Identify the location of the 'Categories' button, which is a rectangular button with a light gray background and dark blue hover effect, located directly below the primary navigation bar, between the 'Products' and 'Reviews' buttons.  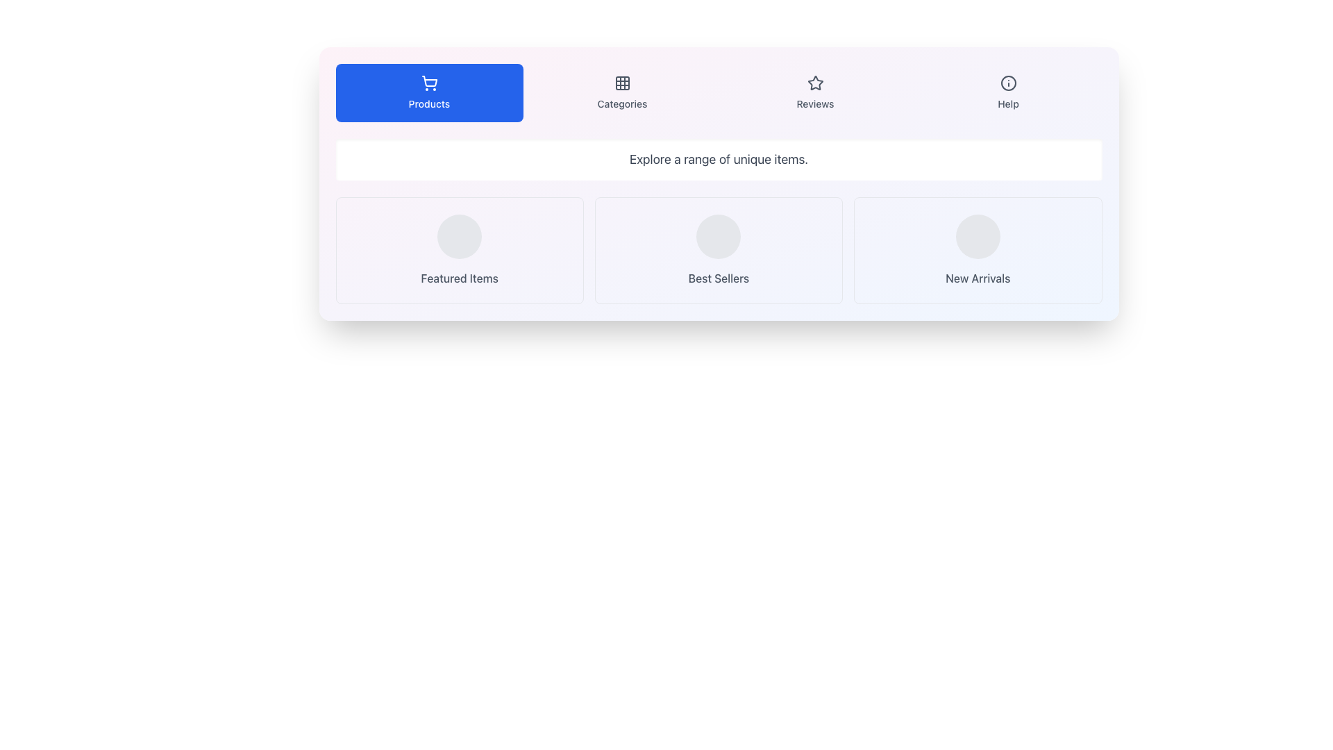
(621, 93).